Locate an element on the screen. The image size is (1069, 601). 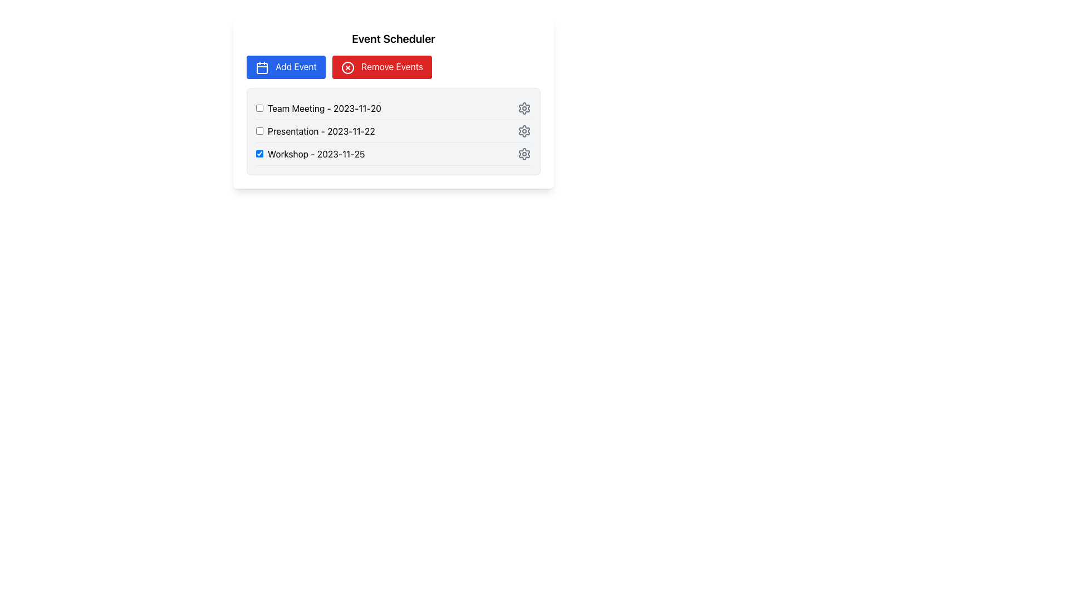
the gear icon located at the right side of the 'Workshop - 2023-11-25' row is located at coordinates (523, 154).